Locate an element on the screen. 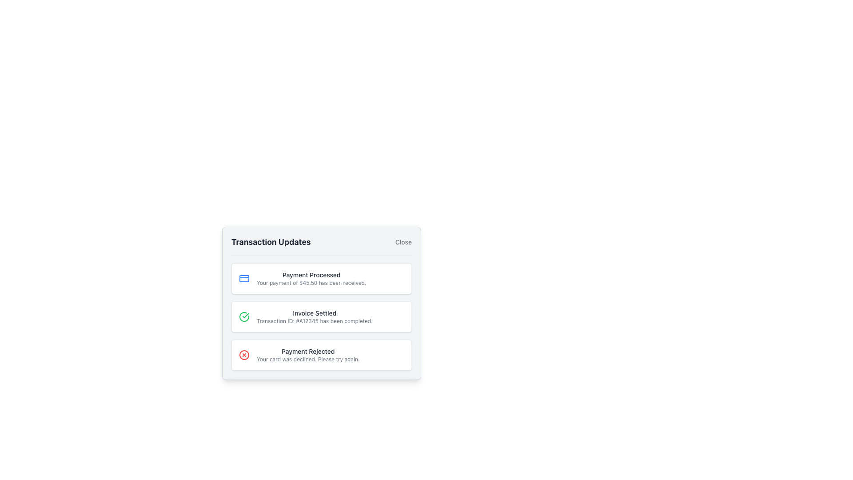 This screenshot has height=480, width=853. the second notification card titled 'Invoice Settled' within the 'Transaction Updates' section, which displays a completed transaction message is located at coordinates (321, 316).